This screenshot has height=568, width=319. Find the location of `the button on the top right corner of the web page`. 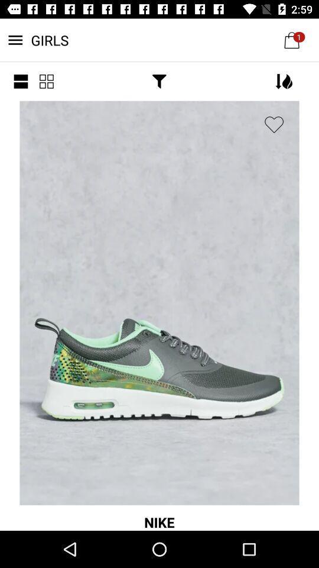

the button on the top right corner of the web page is located at coordinates (291, 40).